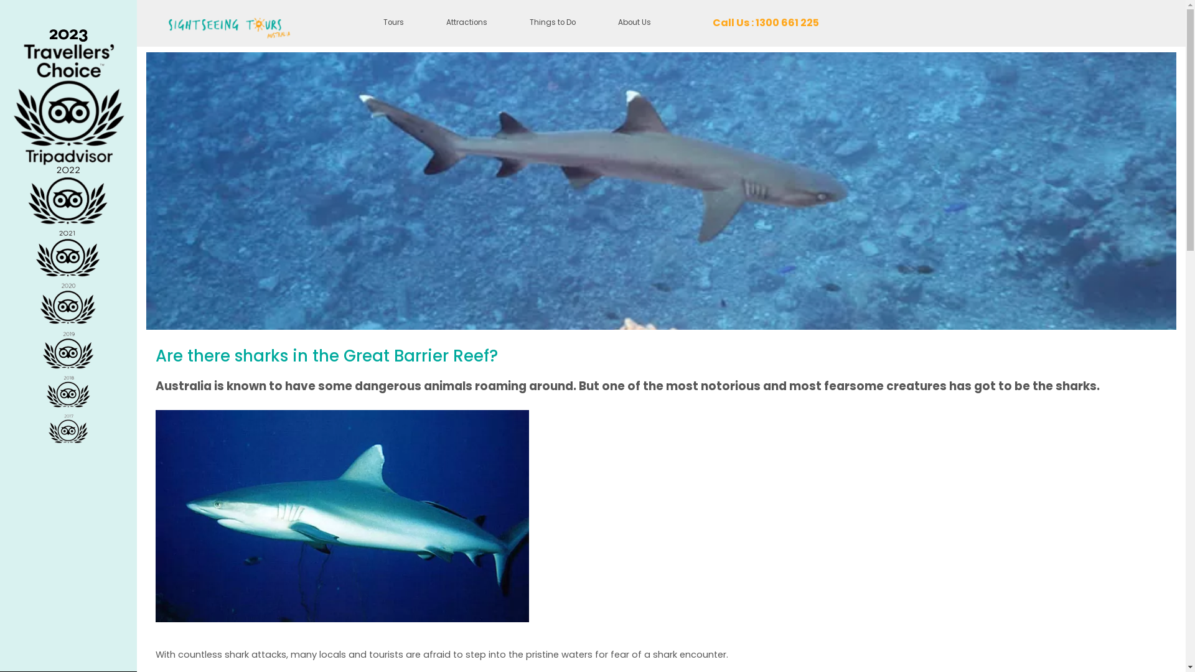 This screenshot has height=672, width=1195. What do you see at coordinates (765, 23) in the screenshot?
I see `'Call Us : 1300 661 225'` at bounding box center [765, 23].